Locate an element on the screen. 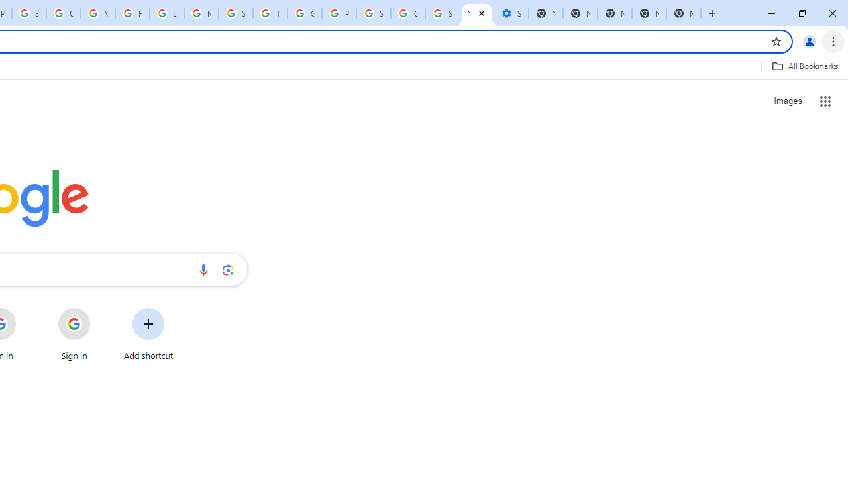  'New Tab' is located at coordinates (649, 13).